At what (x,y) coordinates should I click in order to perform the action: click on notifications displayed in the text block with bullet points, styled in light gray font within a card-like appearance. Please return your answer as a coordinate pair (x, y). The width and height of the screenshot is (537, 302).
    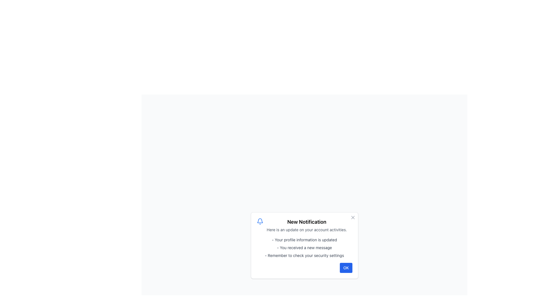
    Looking at the image, I should click on (304, 247).